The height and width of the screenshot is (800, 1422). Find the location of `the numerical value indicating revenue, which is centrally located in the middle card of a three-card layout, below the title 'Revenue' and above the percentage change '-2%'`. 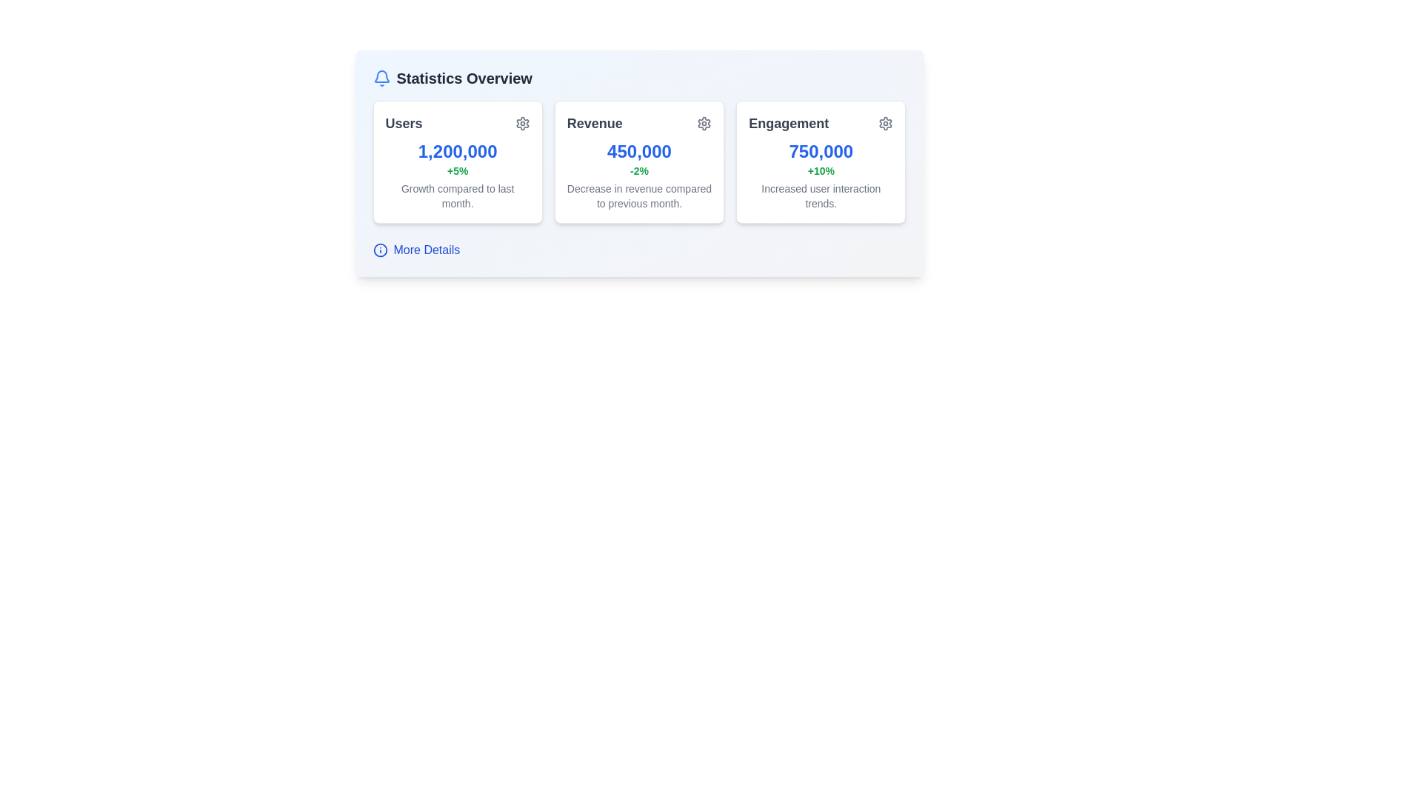

the numerical value indicating revenue, which is centrally located in the middle card of a three-card layout, below the title 'Revenue' and above the percentage change '-2%' is located at coordinates (639, 151).